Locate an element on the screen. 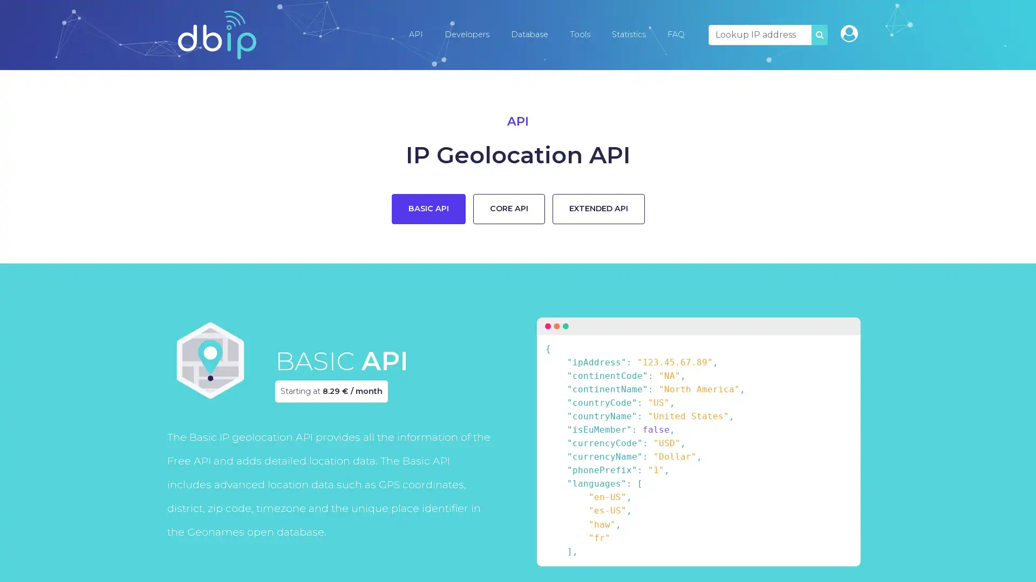 This screenshot has width=1036, height=582. SEARCH is located at coordinates (819, 34).